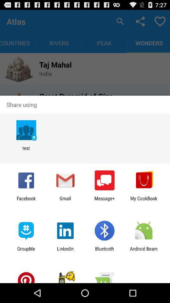 Image resolution: width=170 pixels, height=303 pixels. I want to click on gmail, so click(65, 201).